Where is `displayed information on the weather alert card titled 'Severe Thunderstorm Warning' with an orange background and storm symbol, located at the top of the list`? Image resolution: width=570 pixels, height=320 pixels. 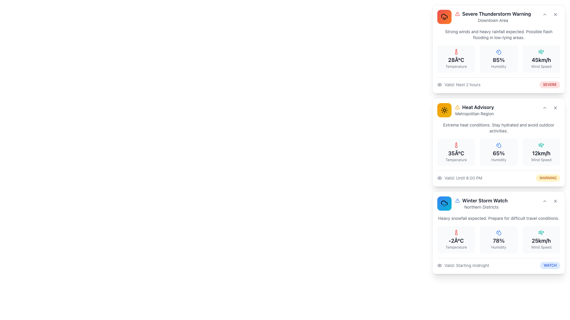 displayed information on the weather alert card titled 'Severe Thunderstorm Warning' with an orange background and storm symbol, located at the top of the list is located at coordinates (499, 49).